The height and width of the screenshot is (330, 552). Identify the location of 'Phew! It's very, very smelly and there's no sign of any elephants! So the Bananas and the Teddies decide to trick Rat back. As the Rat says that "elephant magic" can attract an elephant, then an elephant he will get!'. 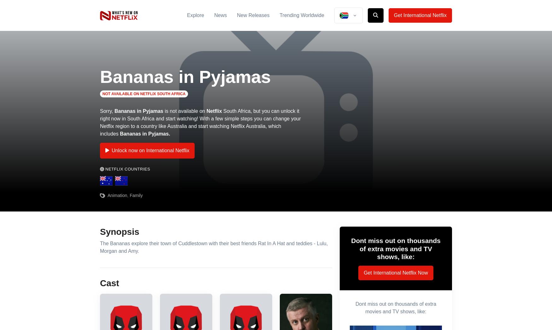
(253, 84).